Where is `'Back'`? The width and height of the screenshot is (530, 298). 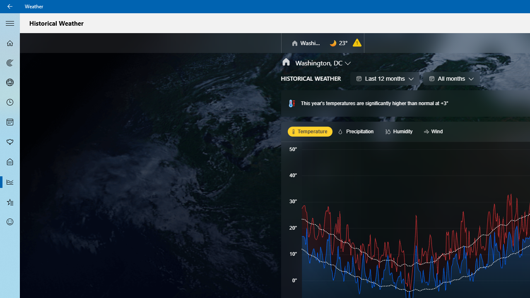 'Back' is located at coordinates (10, 6).